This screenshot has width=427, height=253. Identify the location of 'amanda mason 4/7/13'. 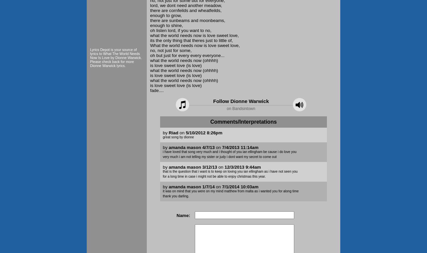
(191, 147).